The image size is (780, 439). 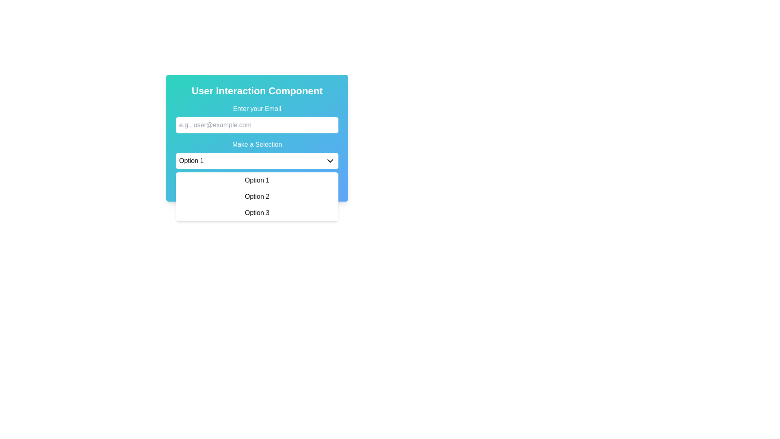 What do you see at coordinates (257, 196) in the screenshot?
I see `the second option in the dropdown menu to trigger the background color change` at bounding box center [257, 196].